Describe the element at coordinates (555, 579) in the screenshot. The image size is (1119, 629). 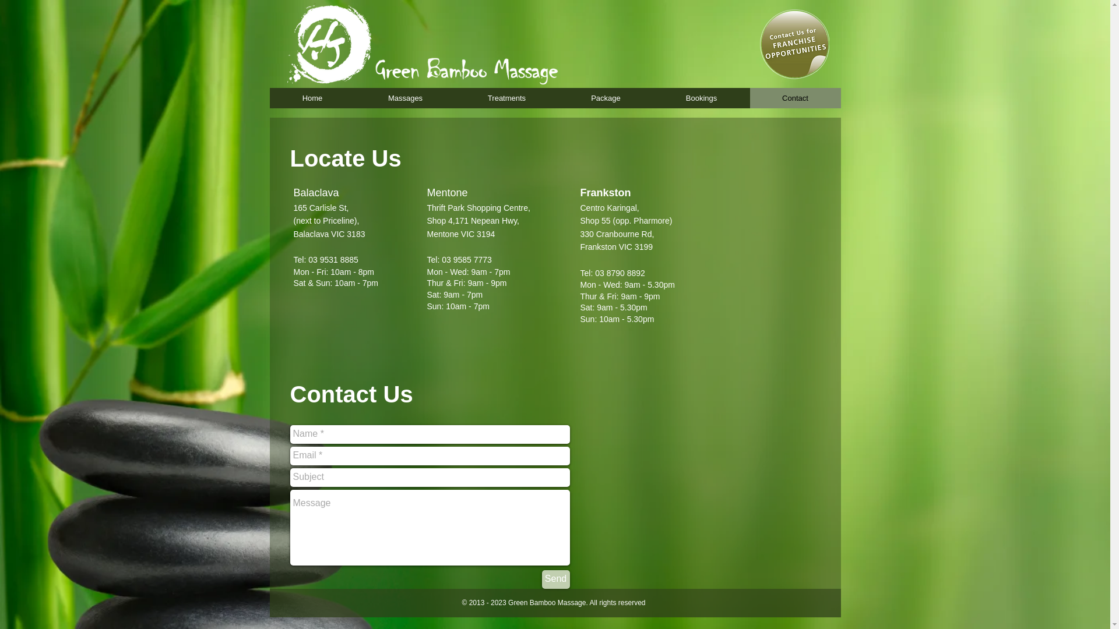
I see `'Send'` at that location.